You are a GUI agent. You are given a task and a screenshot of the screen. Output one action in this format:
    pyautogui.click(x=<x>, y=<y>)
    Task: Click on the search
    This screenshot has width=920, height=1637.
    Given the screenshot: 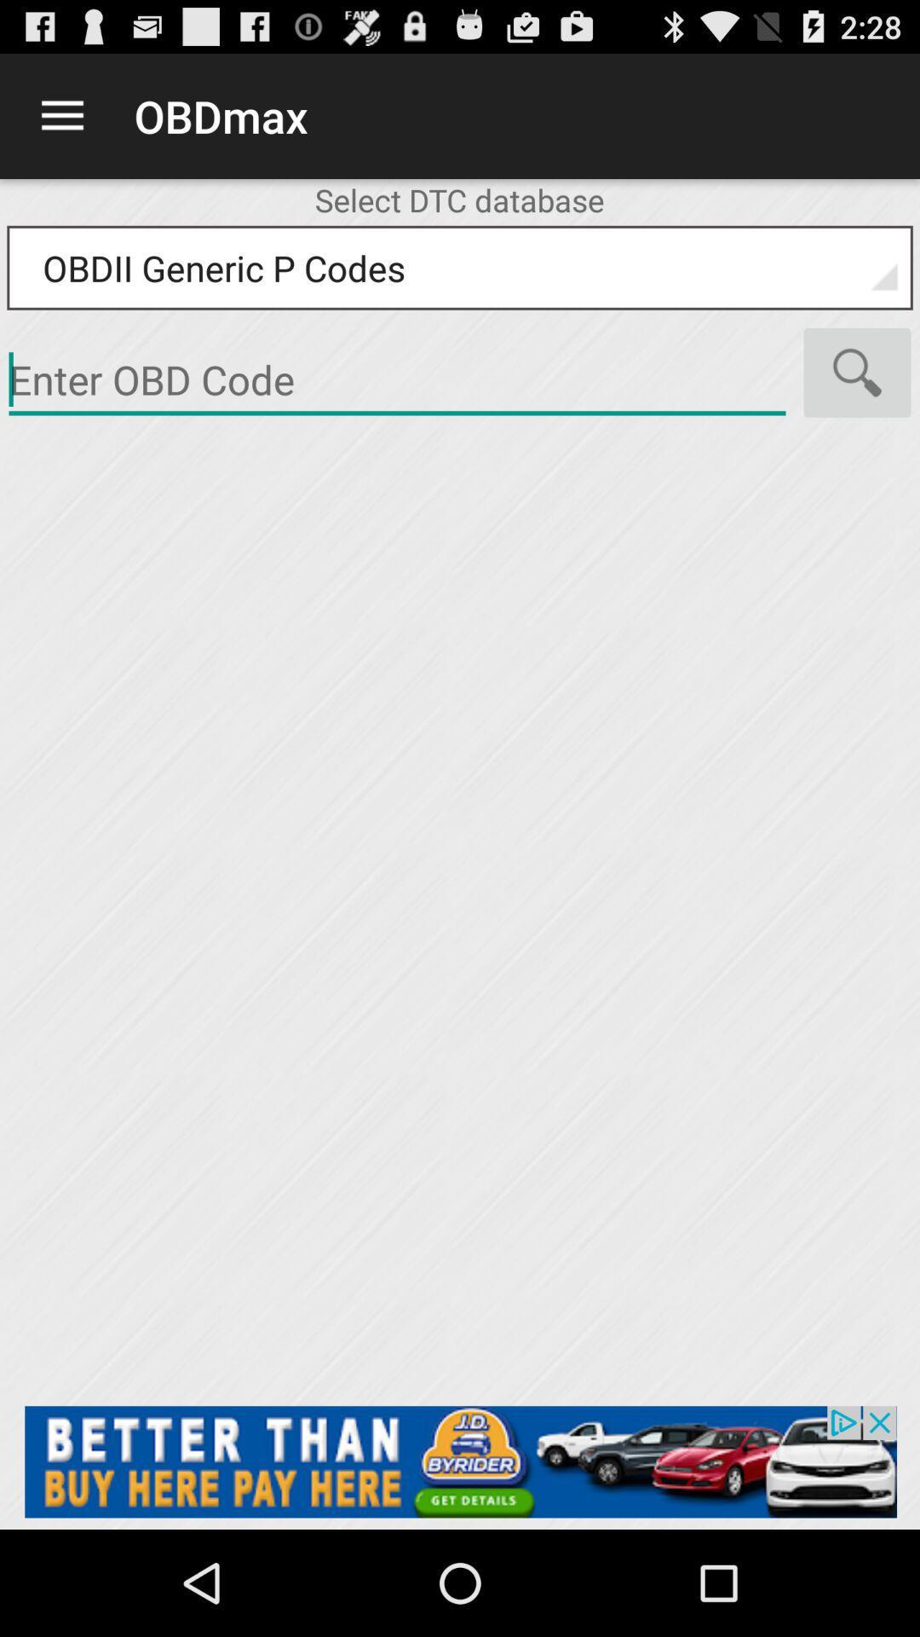 What is the action you would take?
    pyautogui.click(x=857, y=372)
    